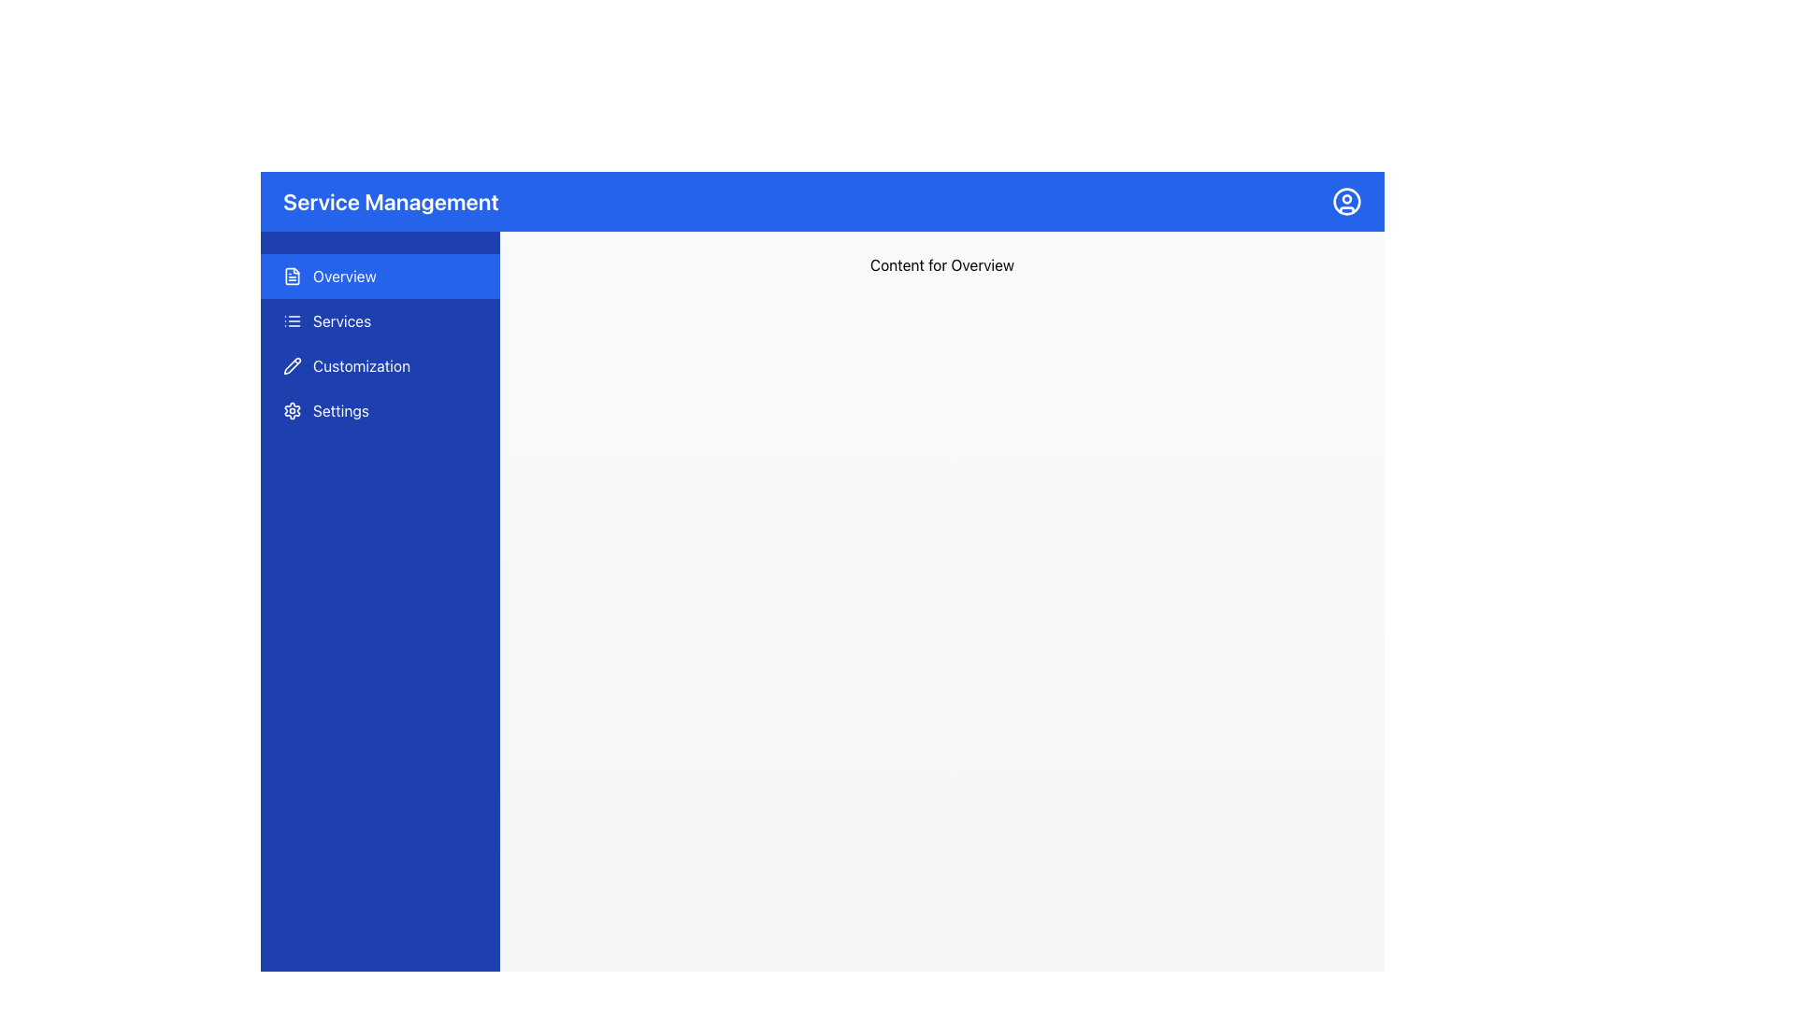 This screenshot has height=1009, width=1795. What do you see at coordinates (380, 320) in the screenshot?
I see `the 'Services' navigation button located in the vertical navigation bar, which is the second item below 'Overview' and above 'Customization'` at bounding box center [380, 320].